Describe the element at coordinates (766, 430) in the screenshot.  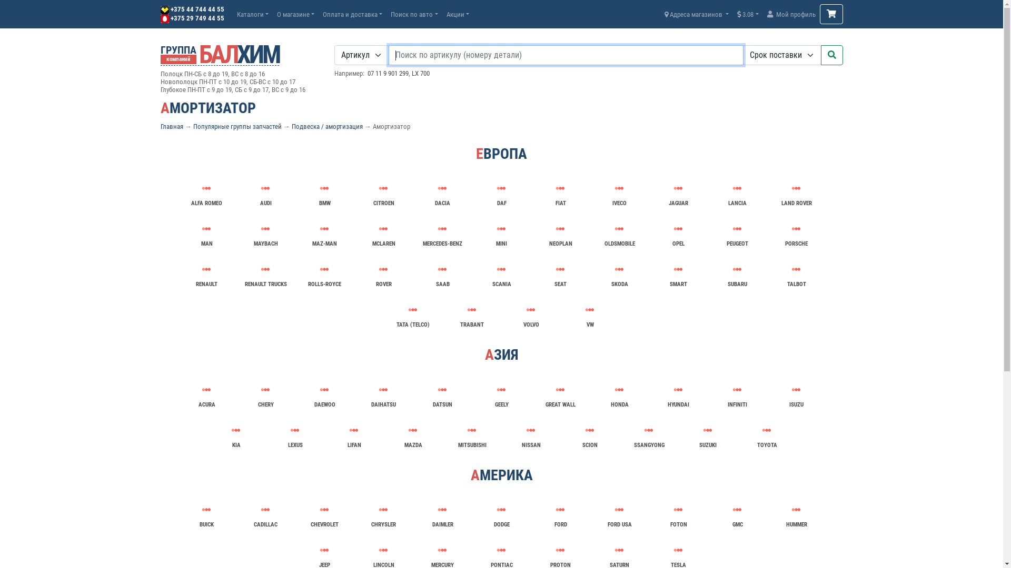
I see `'TOYOTA'` at that location.